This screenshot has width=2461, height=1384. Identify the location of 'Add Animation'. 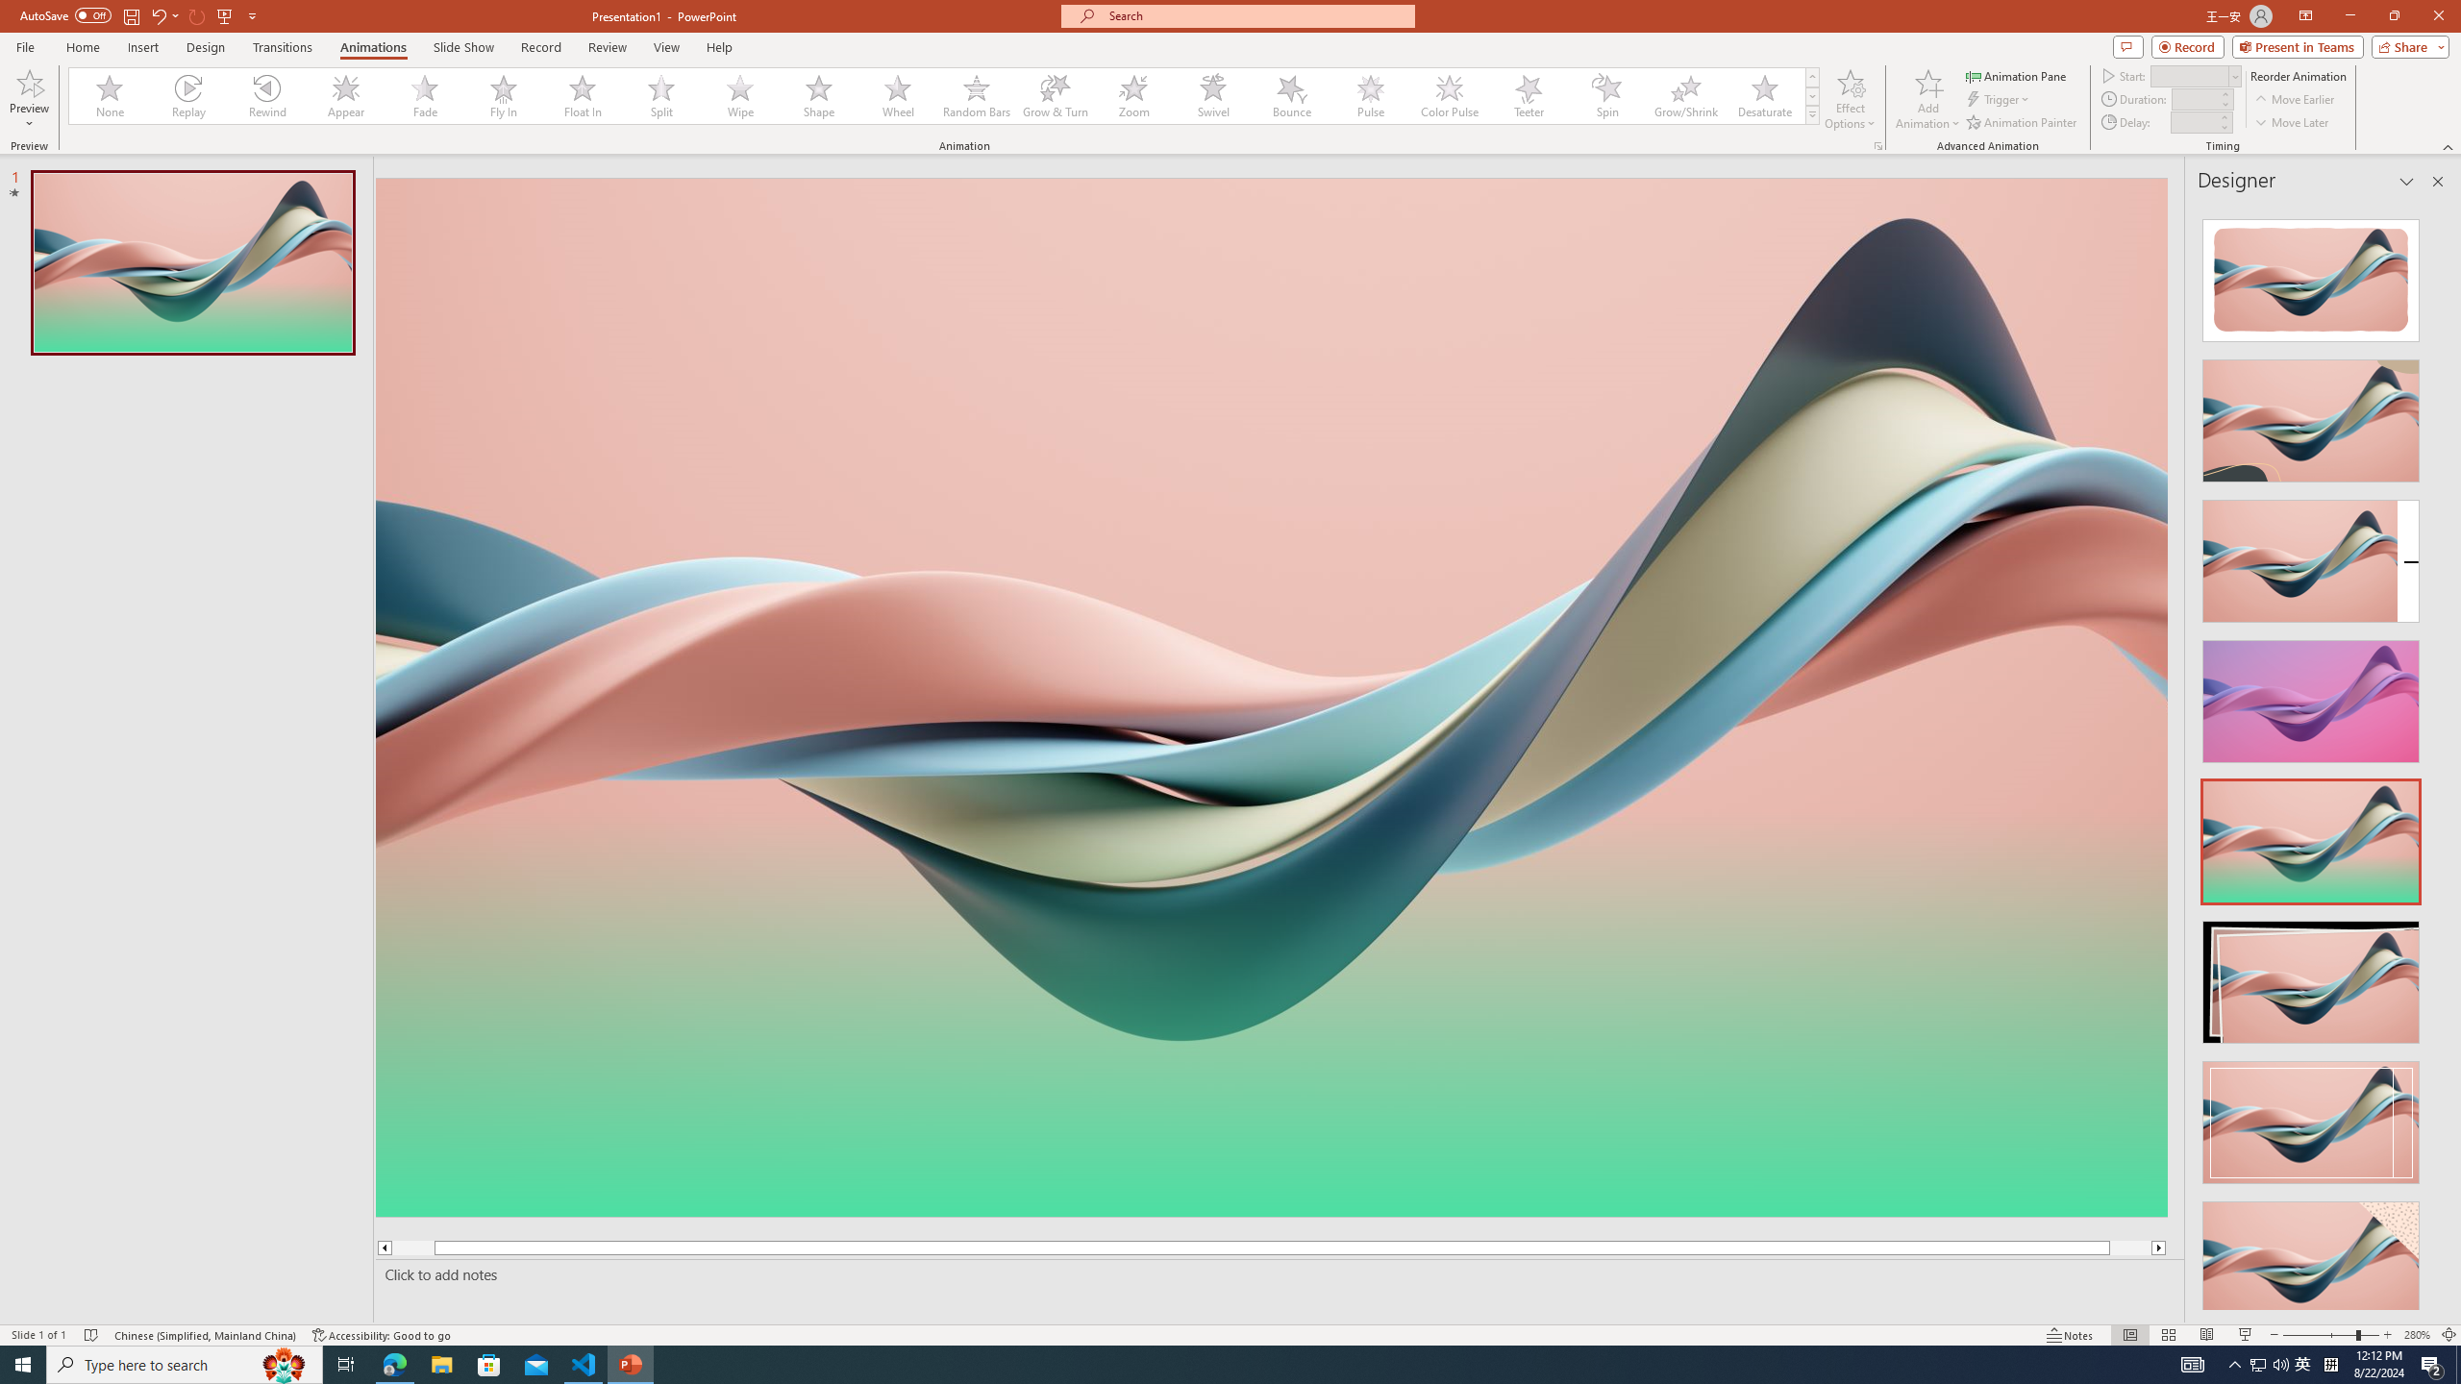
(1928, 99).